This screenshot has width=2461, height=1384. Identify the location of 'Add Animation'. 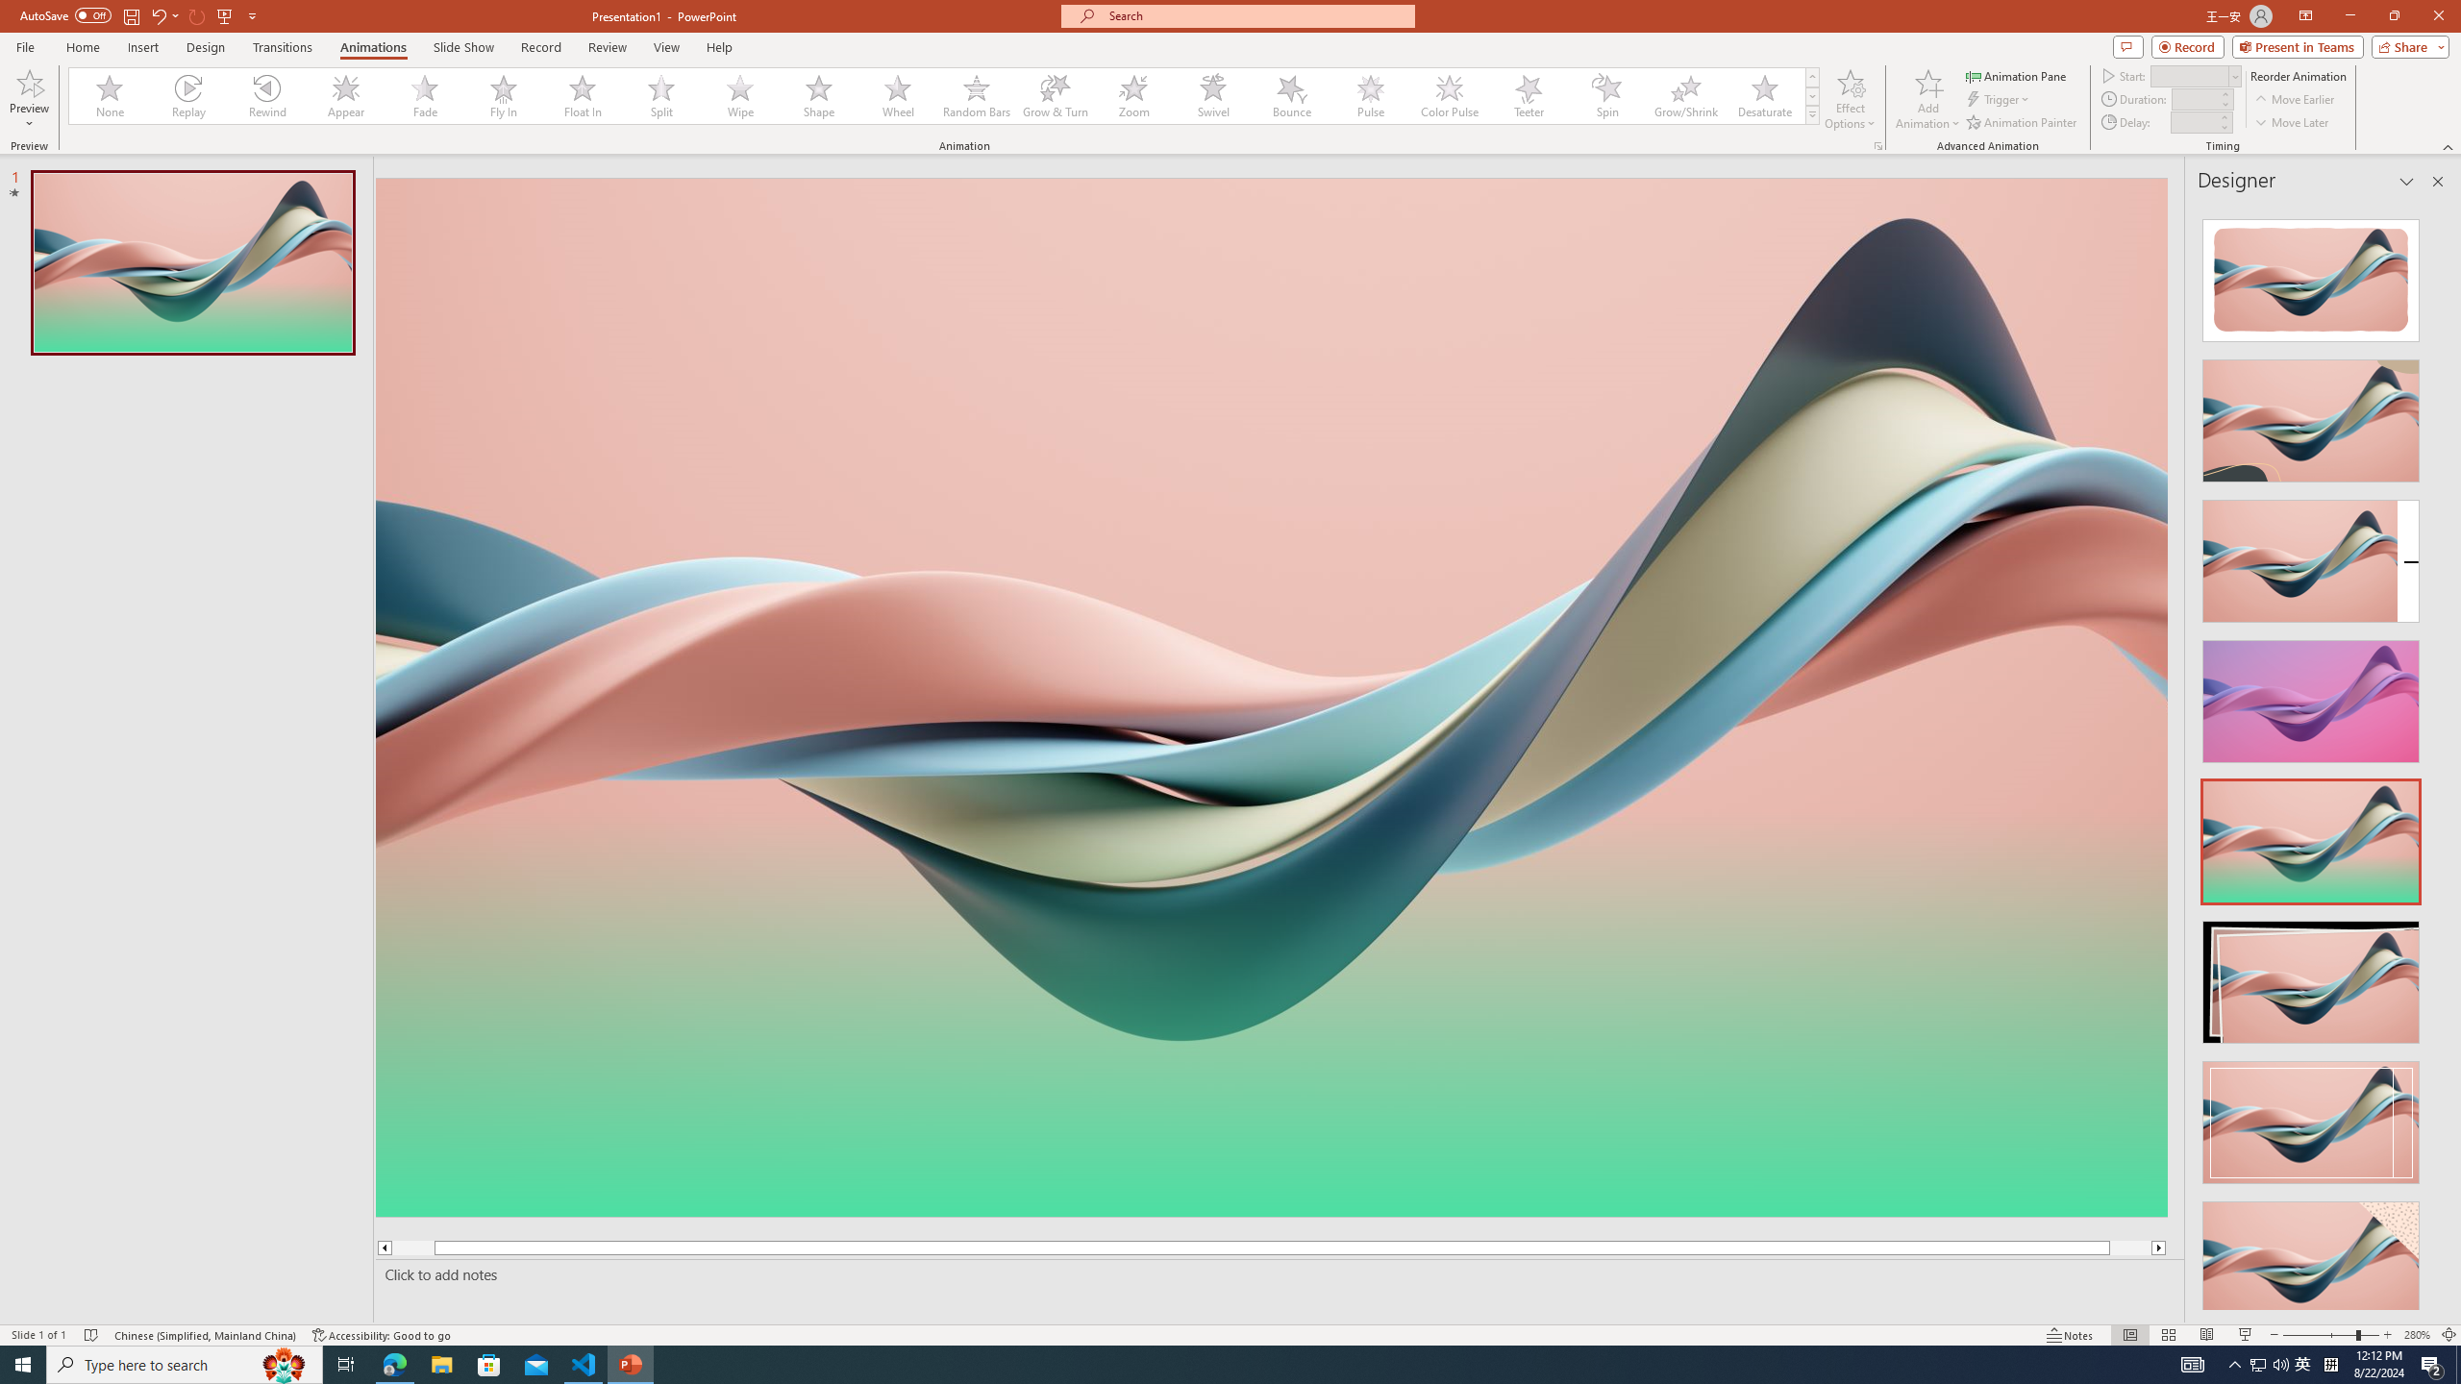
(1928, 99).